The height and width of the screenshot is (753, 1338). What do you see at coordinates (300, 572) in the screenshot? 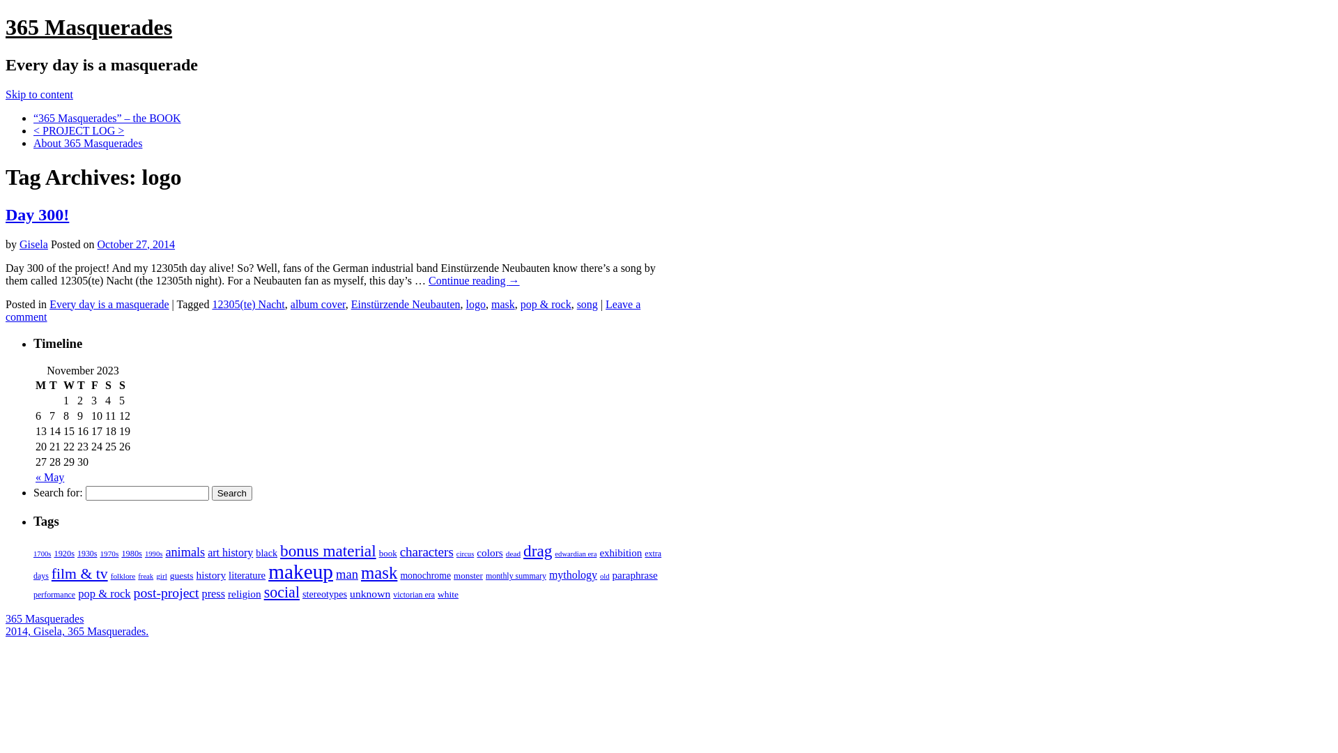
I see `'makeup'` at bounding box center [300, 572].